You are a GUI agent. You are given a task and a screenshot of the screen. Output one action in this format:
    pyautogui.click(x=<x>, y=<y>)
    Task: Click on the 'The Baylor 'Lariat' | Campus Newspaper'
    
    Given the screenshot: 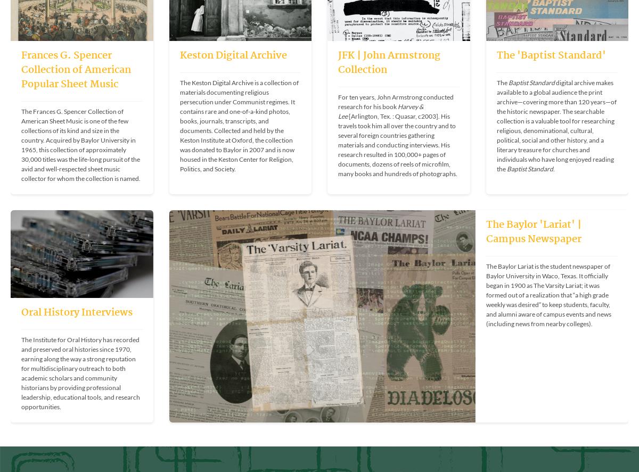 What is the action you would take?
    pyautogui.click(x=533, y=231)
    